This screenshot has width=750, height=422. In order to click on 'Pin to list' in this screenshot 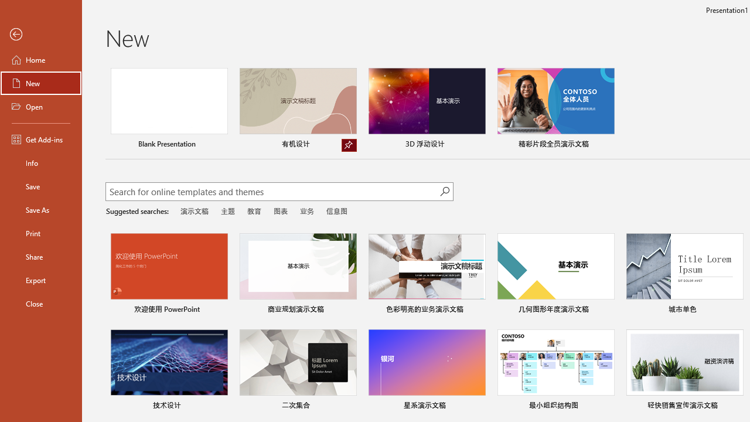, I will do `click(735, 406)`.